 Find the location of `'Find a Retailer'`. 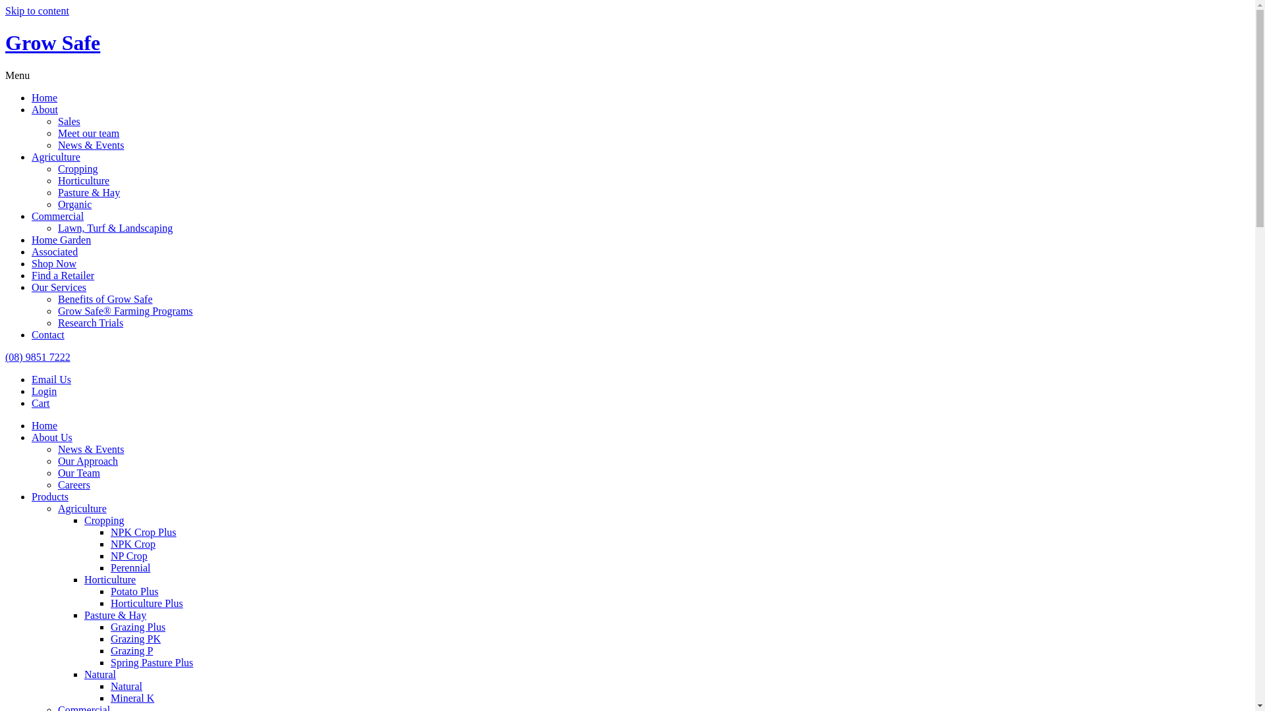

'Find a Retailer' is located at coordinates (62, 275).